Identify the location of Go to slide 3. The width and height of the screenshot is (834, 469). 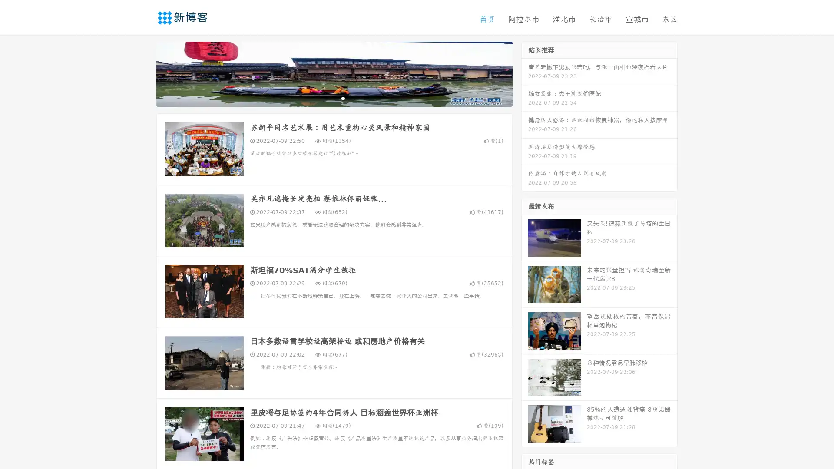
(343, 98).